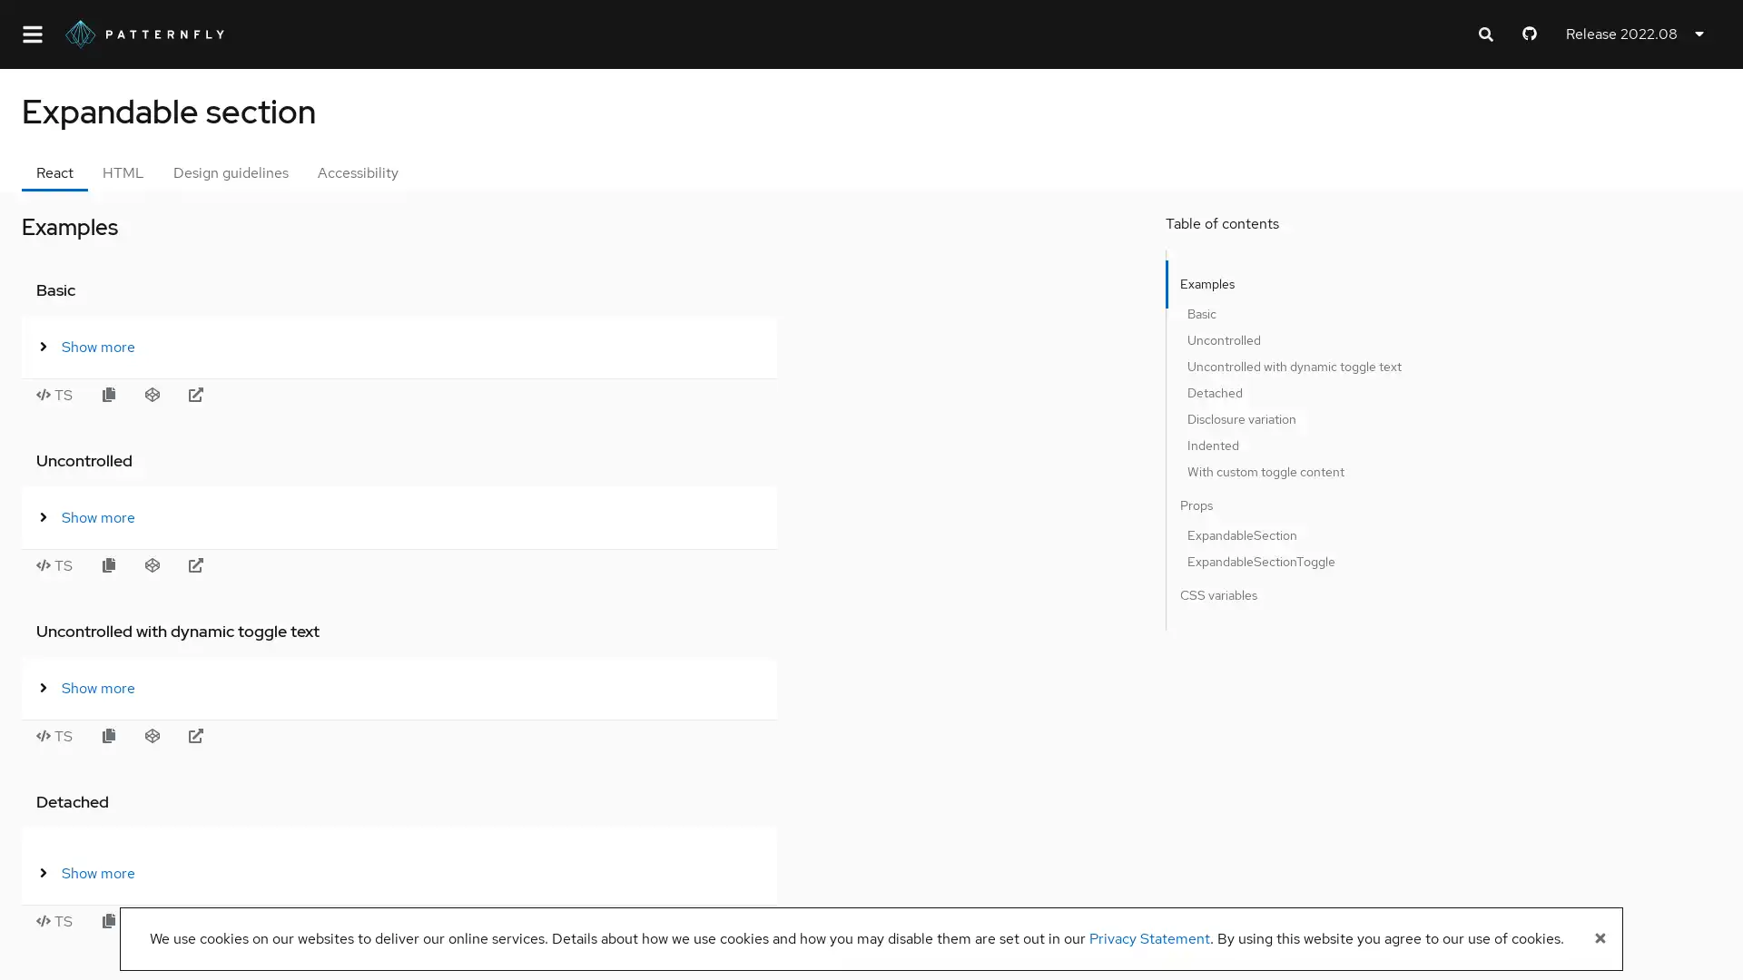 The height and width of the screenshot is (980, 1743). What do you see at coordinates (318, 394) in the screenshot?
I see `Toggle TS code in Basic example` at bounding box center [318, 394].